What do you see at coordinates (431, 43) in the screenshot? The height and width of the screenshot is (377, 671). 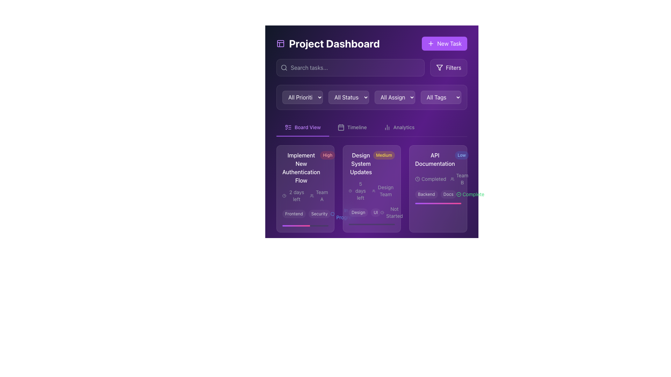 I see `the plus symbol icon located in the top-right corner of the 'New Task' button, which has a purple background and white text` at bounding box center [431, 43].